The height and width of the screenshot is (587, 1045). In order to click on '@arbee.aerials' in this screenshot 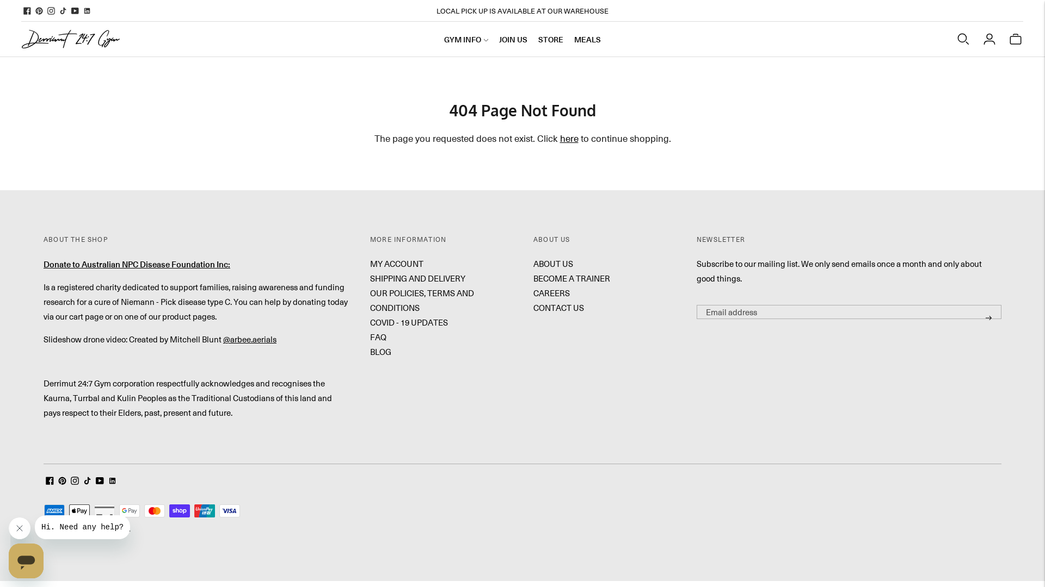, I will do `click(249, 339)`.